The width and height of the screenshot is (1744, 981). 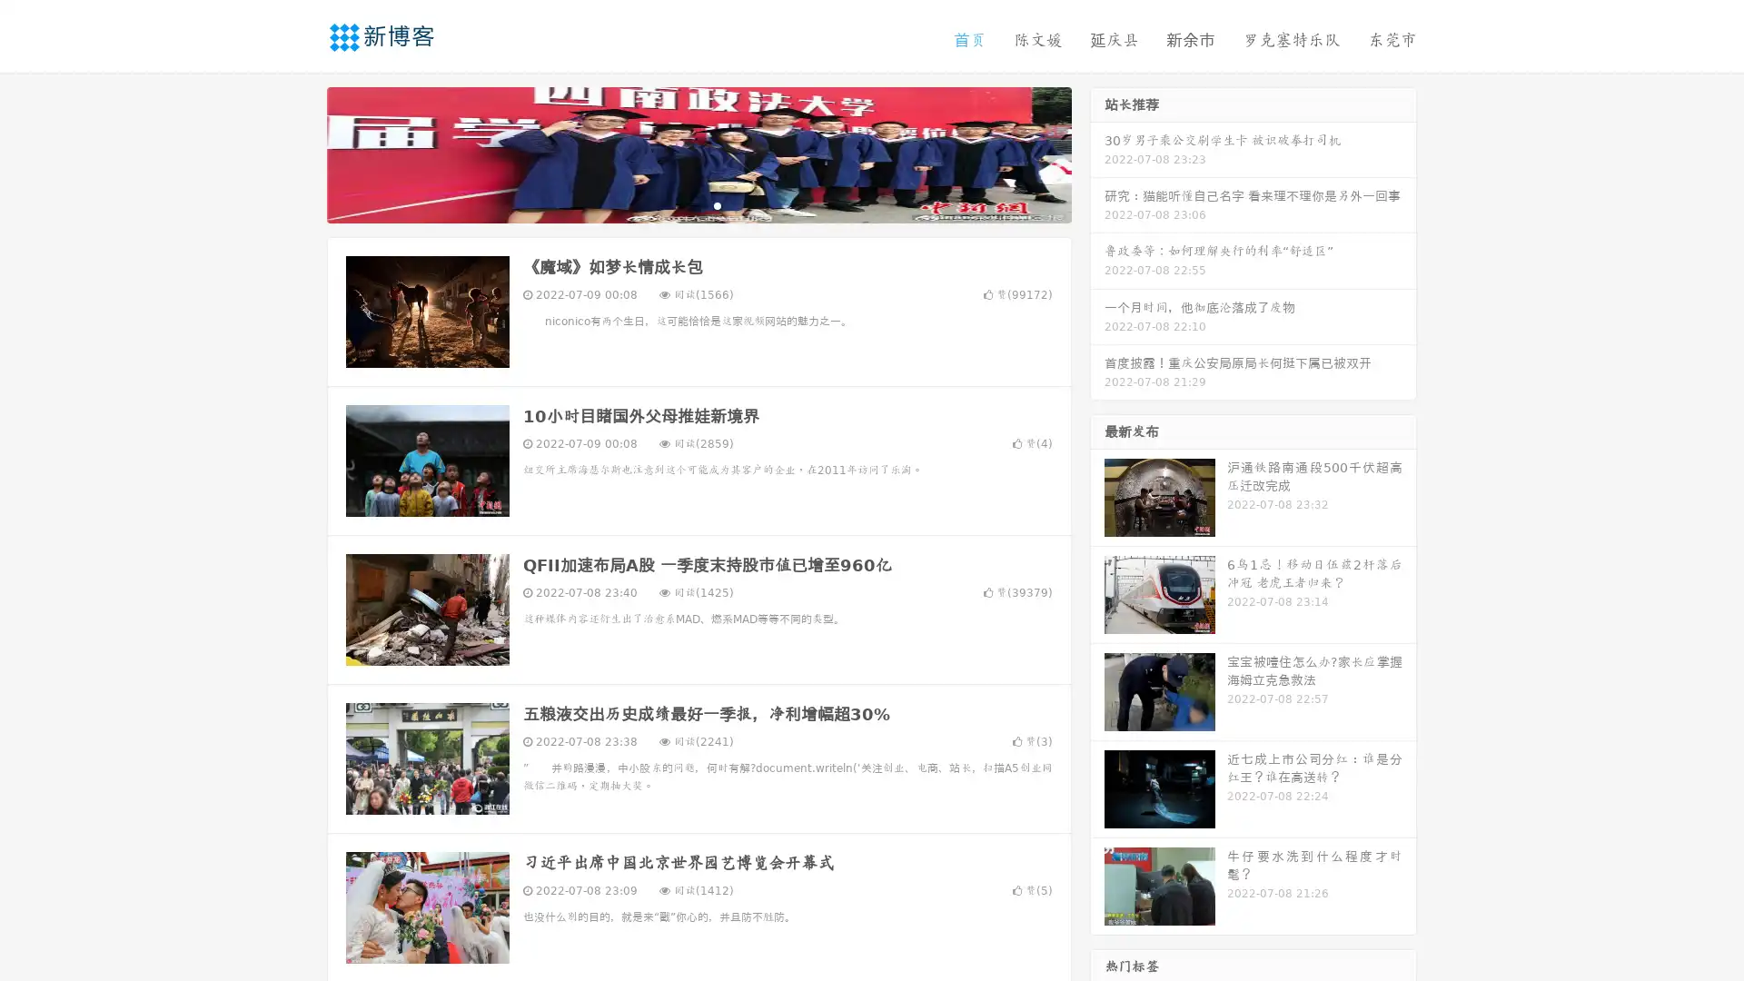 I want to click on Go to slide 1, so click(x=679, y=204).